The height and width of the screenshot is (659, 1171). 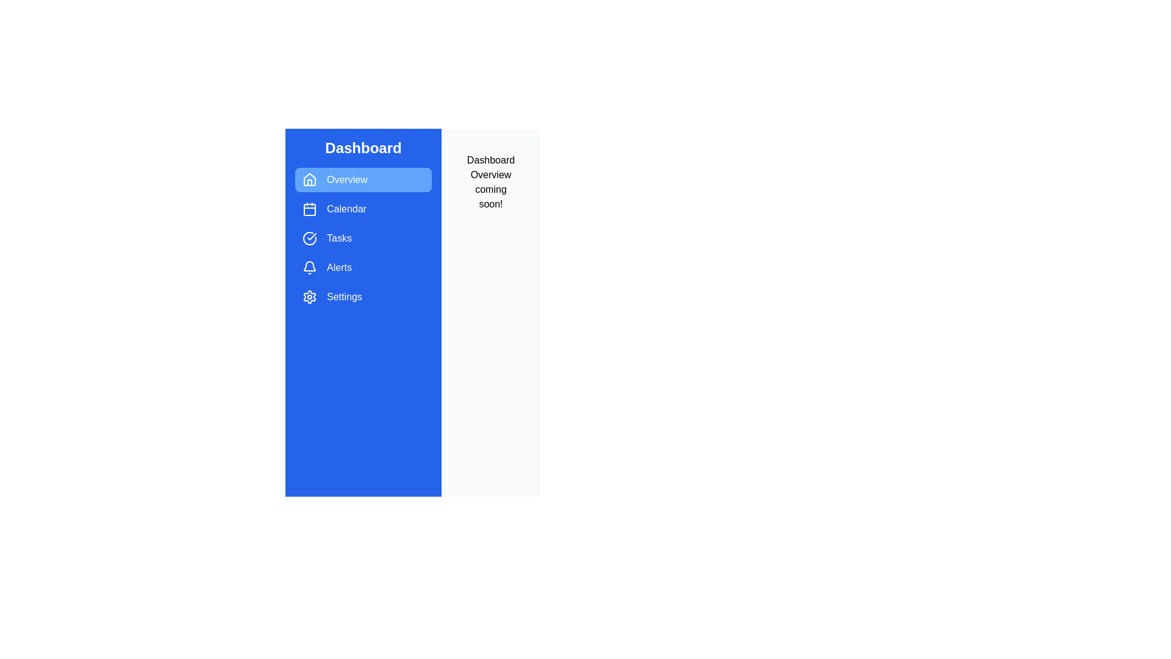 I want to click on the door element of the house icon located on the blue sidebar, which is adjacent, so click(x=310, y=182).